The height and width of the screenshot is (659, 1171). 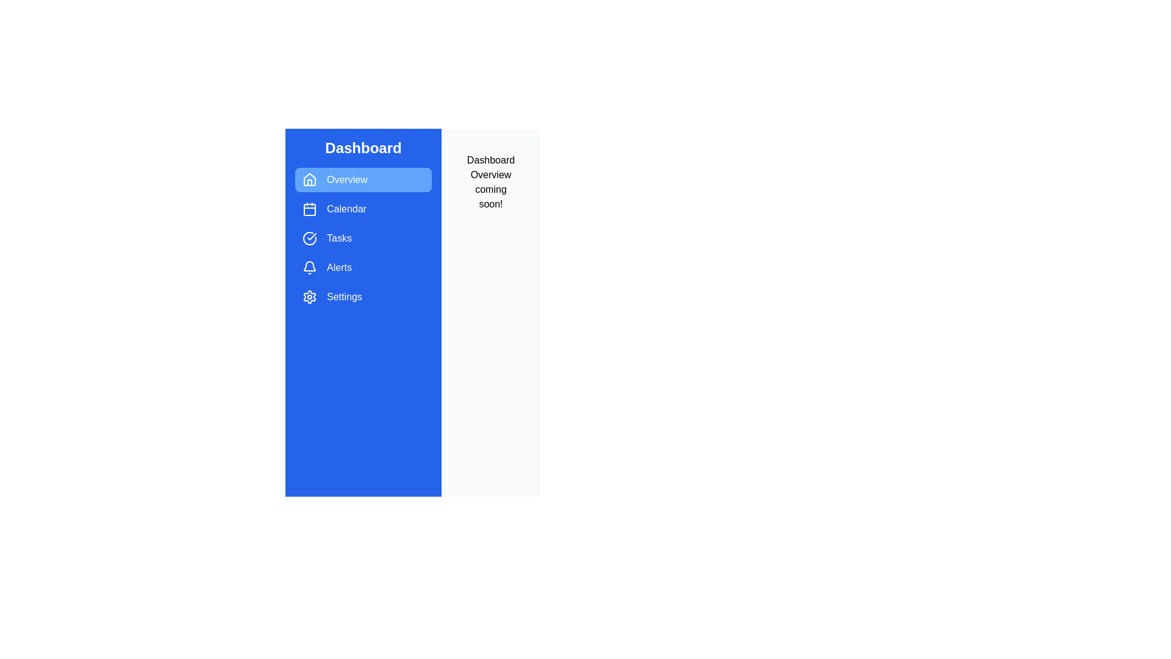 I want to click on the door element of the house icon located on the blue sidebar, which is adjacent, so click(x=310, y=182).